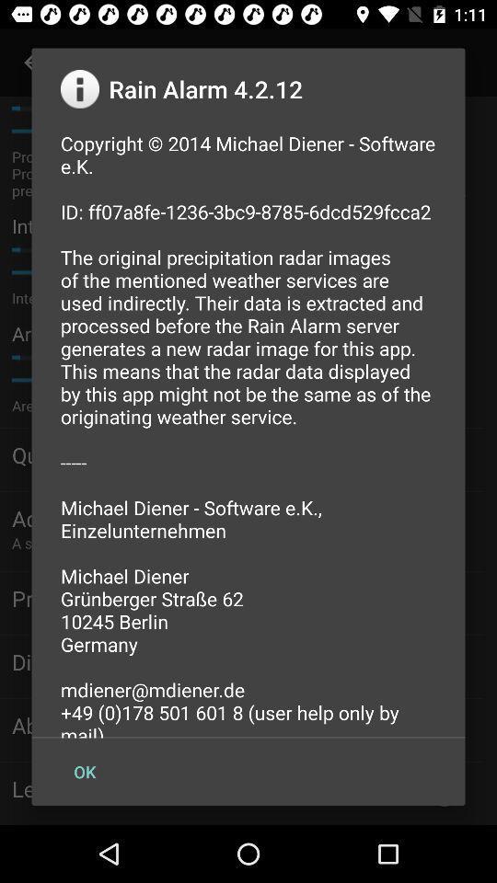  Describe the element at coordinates (84, 772) in the screenshot. I see `the ok` at that location.